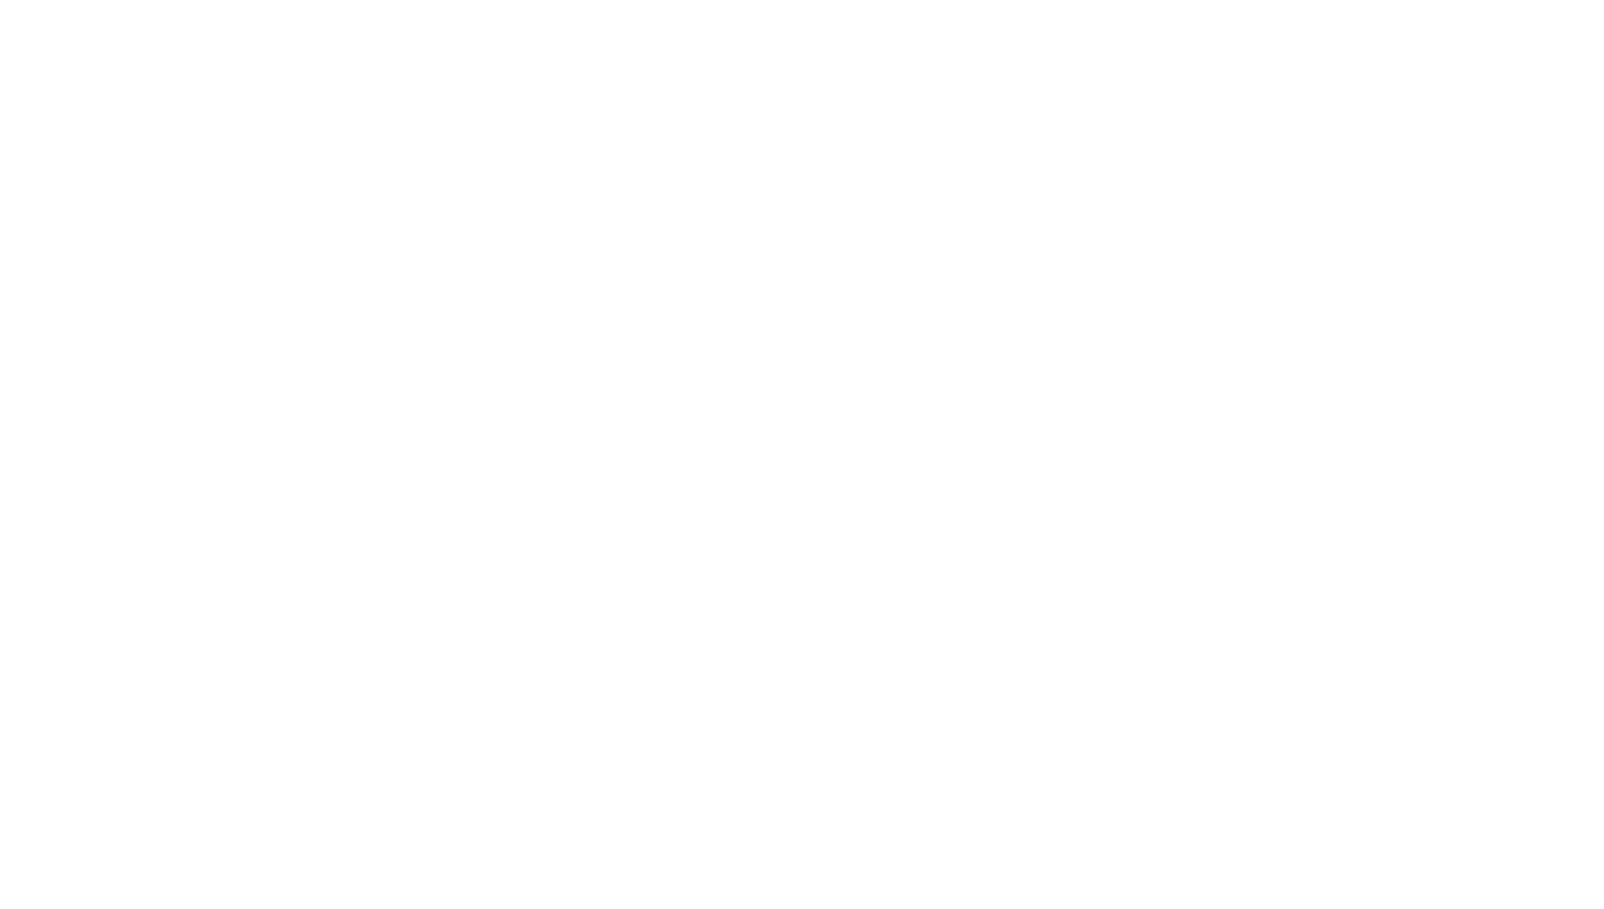 The width and height of the screenshot is (1604, 909). I want to click on 'We built the new Sennheiser Lego microphone kit so you don’t have to…but you’ll want to.', so click(743, 393).